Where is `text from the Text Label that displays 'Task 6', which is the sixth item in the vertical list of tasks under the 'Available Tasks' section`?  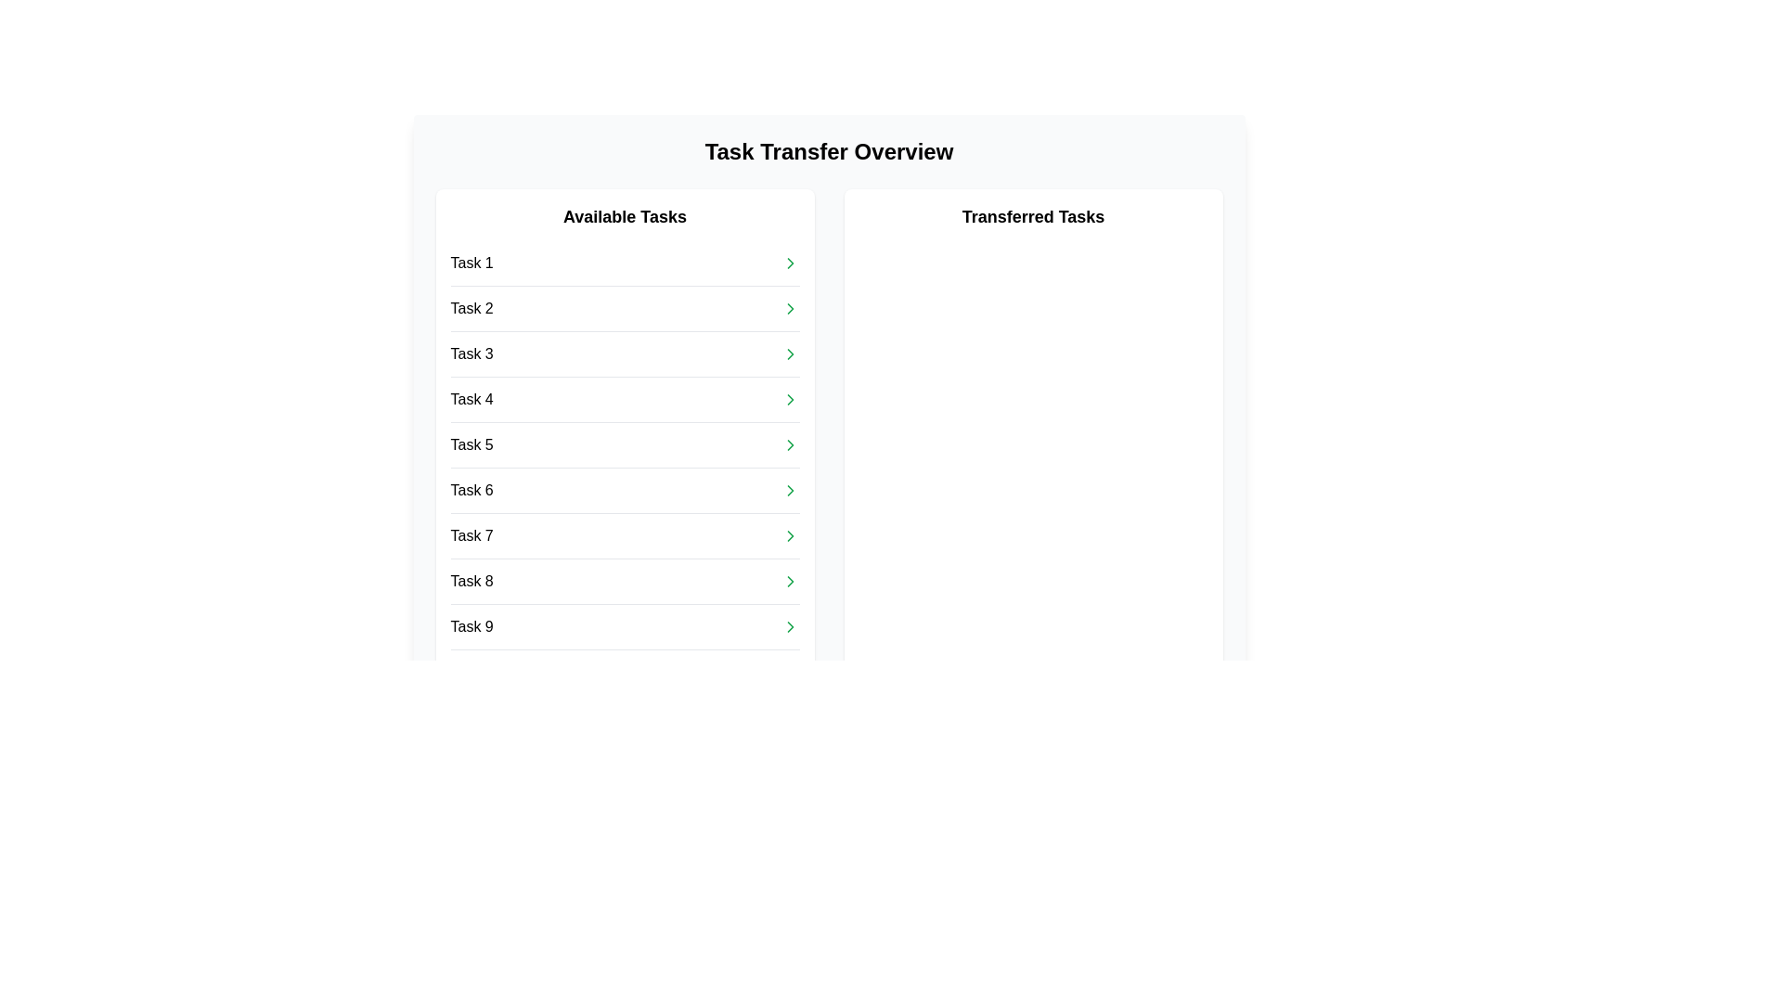 text from the Text Label that displays 'Task 6', which is the sixth item in the vertical list of tasks under the 'Available Tasks' section is located at coordinates (471, 489).